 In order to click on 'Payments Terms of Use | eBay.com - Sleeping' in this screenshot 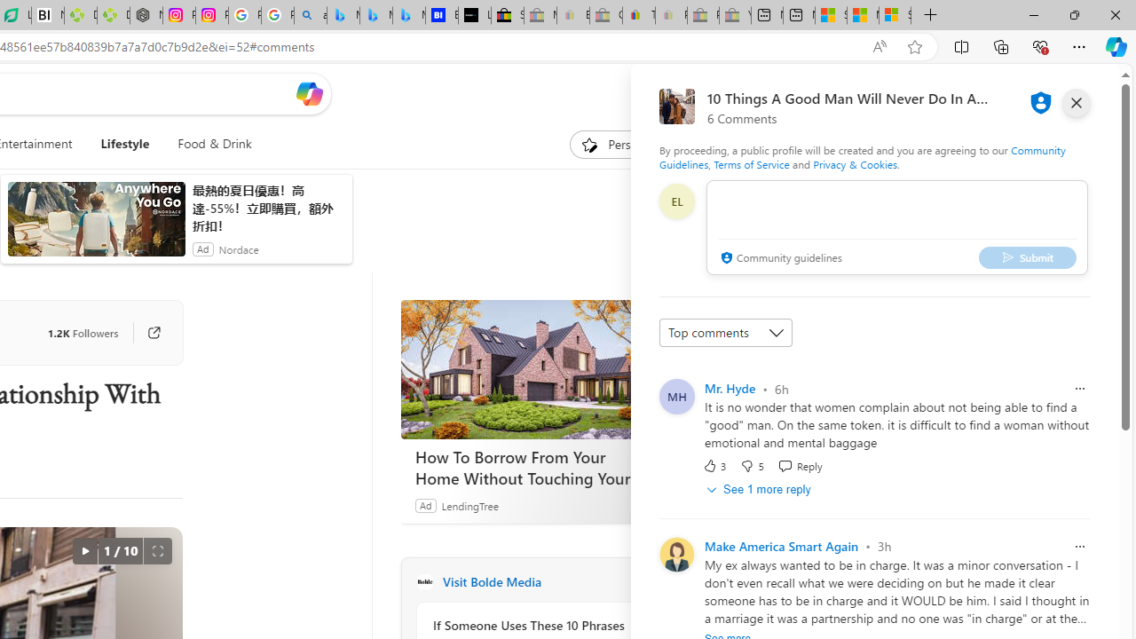, I will do `click(670, 15)`.